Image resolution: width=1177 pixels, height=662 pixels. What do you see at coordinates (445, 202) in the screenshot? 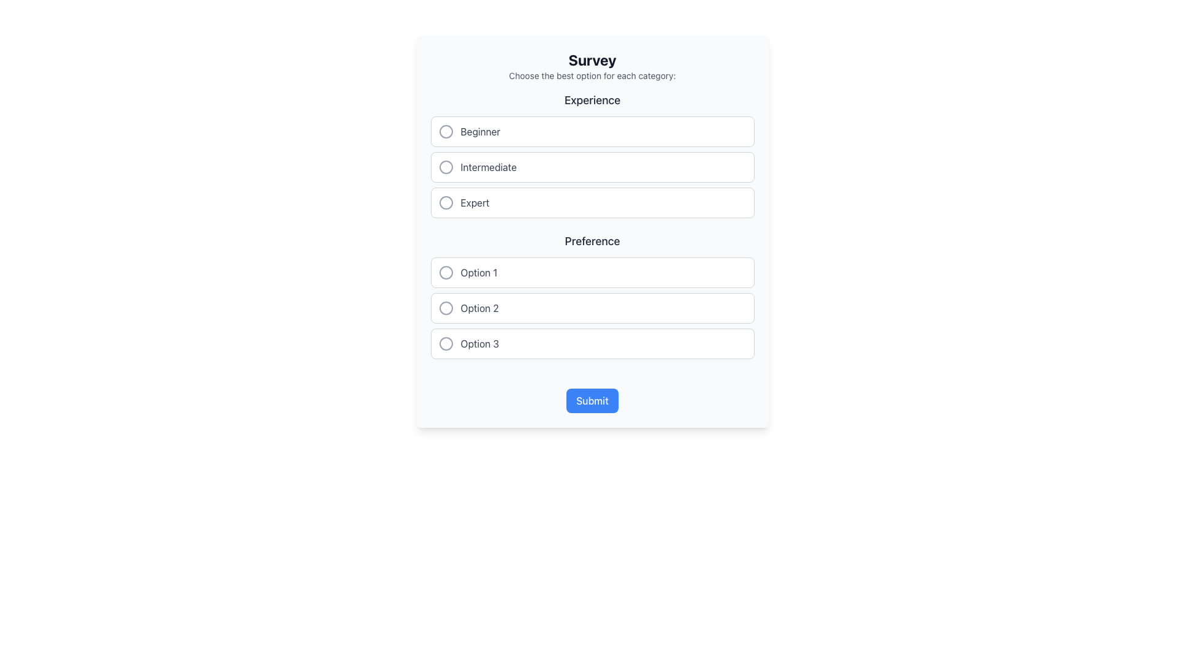
I see `the third radio button labeled 'Expert' in the 'Experience' options section of the survey form` at bounding box center [445, 202].